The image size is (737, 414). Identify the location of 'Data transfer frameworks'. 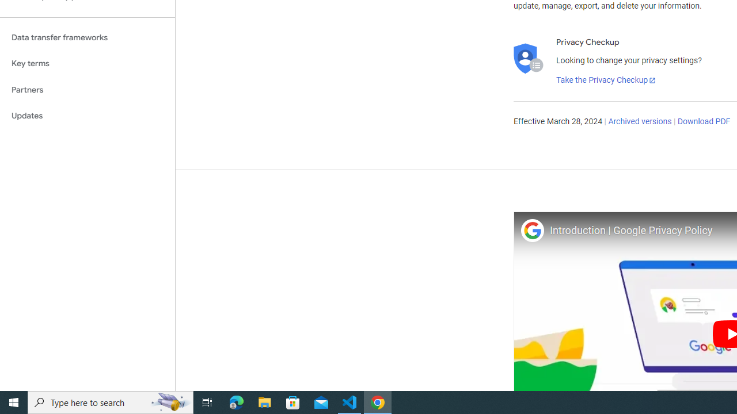
(87, 37).